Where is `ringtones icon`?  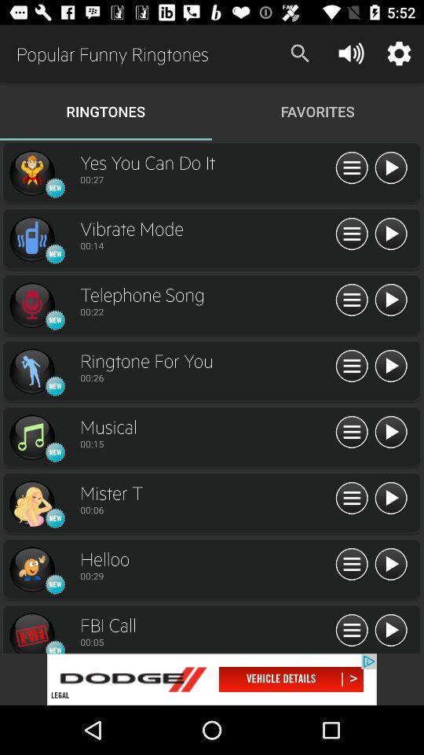 ringtones icon is located at coordinates (31, 304).